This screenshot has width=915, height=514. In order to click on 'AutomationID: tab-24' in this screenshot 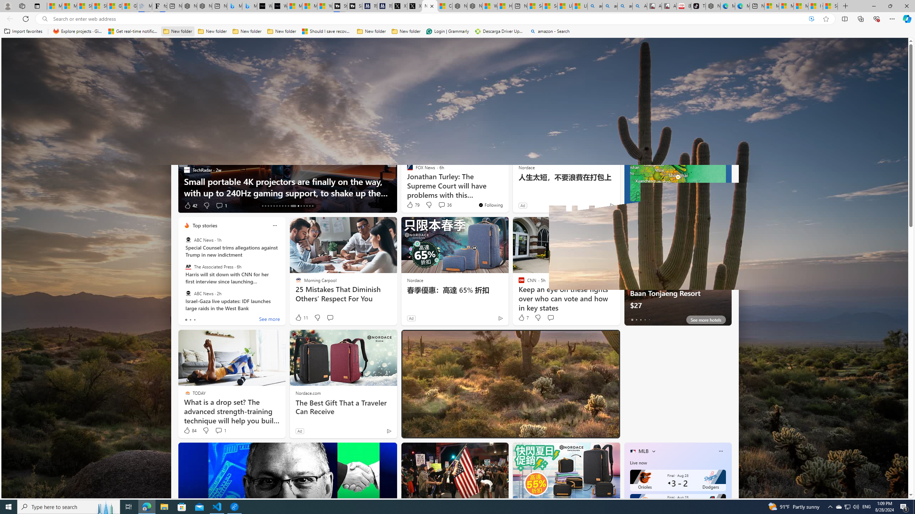, I will do `click(296, 206)`.